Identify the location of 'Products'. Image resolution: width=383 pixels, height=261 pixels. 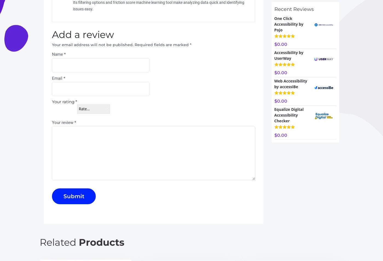
(101, 242).